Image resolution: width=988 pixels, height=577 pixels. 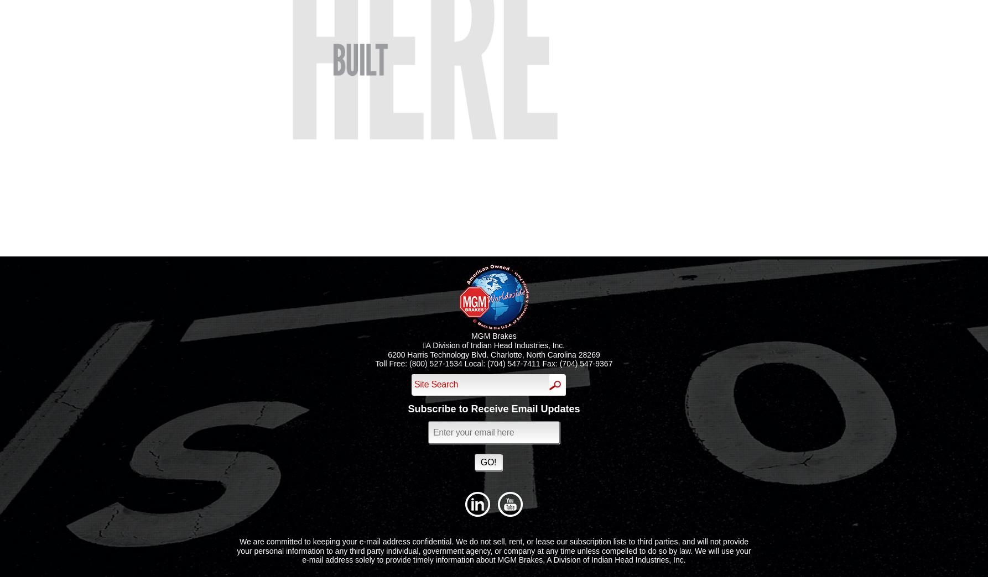 I want to click on 'Fax: (704) 547-9367', so click(x=576, y=363).